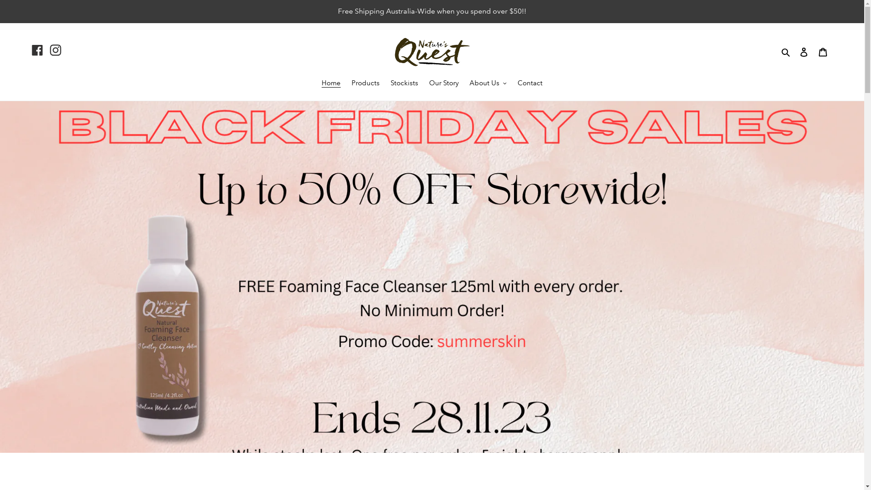 The image size is (871, 490). What do you see at coordinates (786, 52) in the screenshot?
I see `'Search'` at bounding box center [786, 52].